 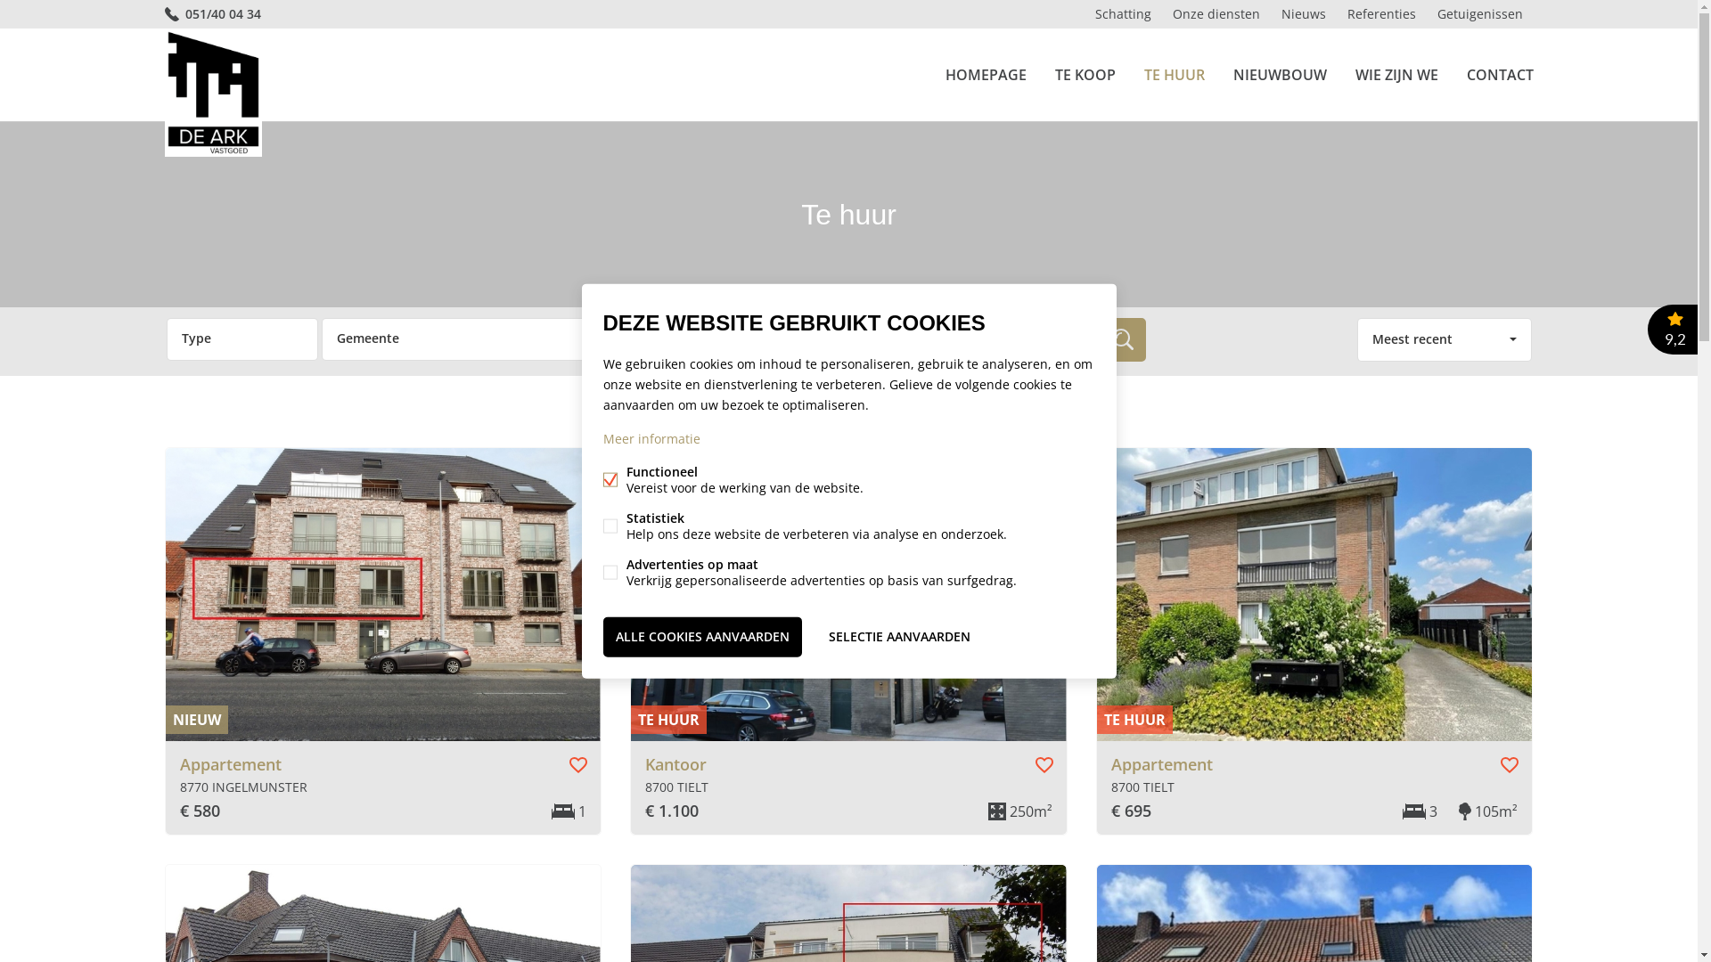 What do you see at coordinates (602, 438) in the screenshot?
I see `'Meer informatie'` at bounding box center [602, 438].